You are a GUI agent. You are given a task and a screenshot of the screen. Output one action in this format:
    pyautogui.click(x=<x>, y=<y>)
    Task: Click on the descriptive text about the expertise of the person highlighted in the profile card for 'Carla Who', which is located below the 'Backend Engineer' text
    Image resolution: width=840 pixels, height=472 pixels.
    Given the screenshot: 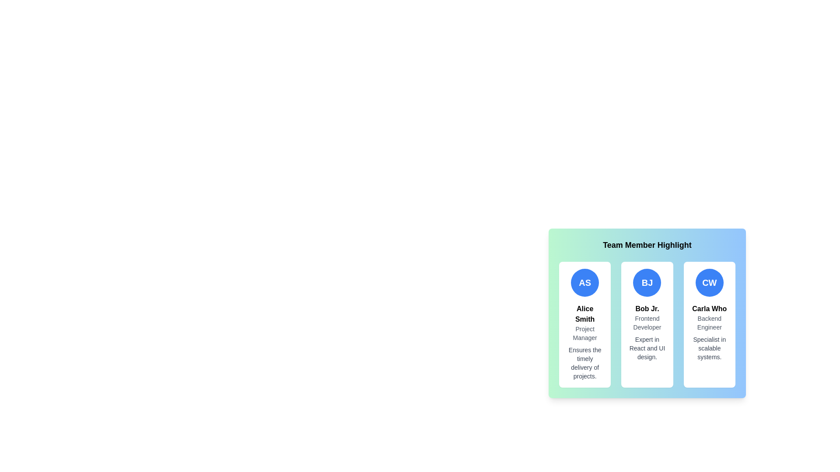 What is the action you would take?
    pyautogui.click(x=709, y=348)
    